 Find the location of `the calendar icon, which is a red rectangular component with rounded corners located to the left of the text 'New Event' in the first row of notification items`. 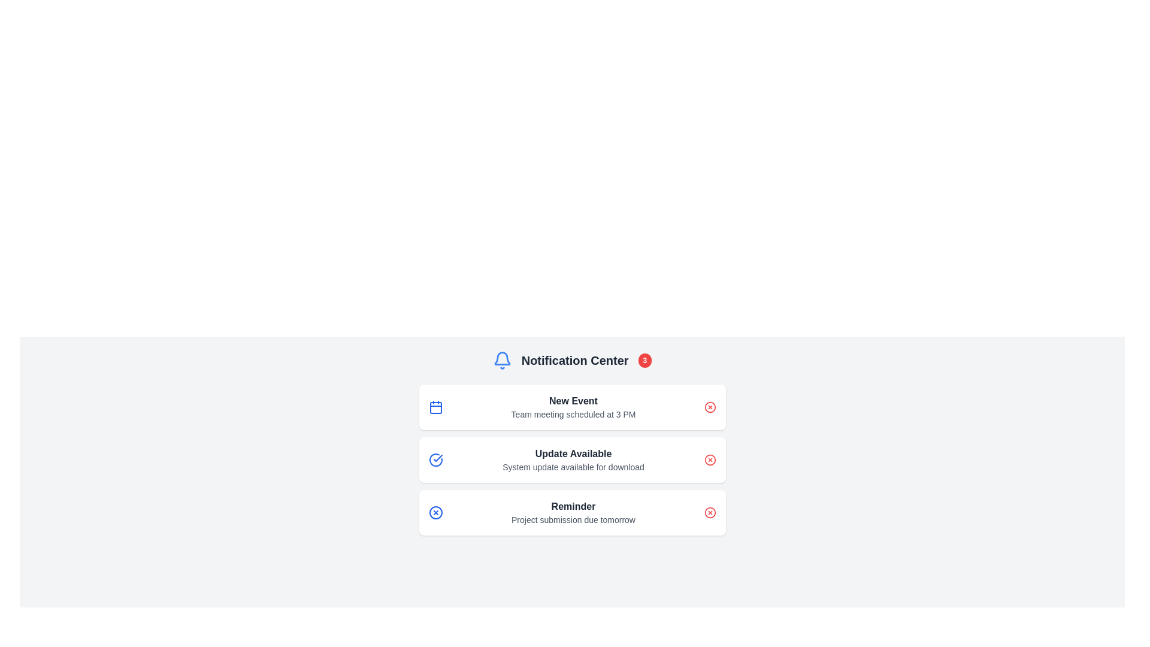

the calendar icon, which is a red rectangular component with rounded corners located to the left of the text 'New Event' in the first row of notification items is located at coordinates (435, 407).